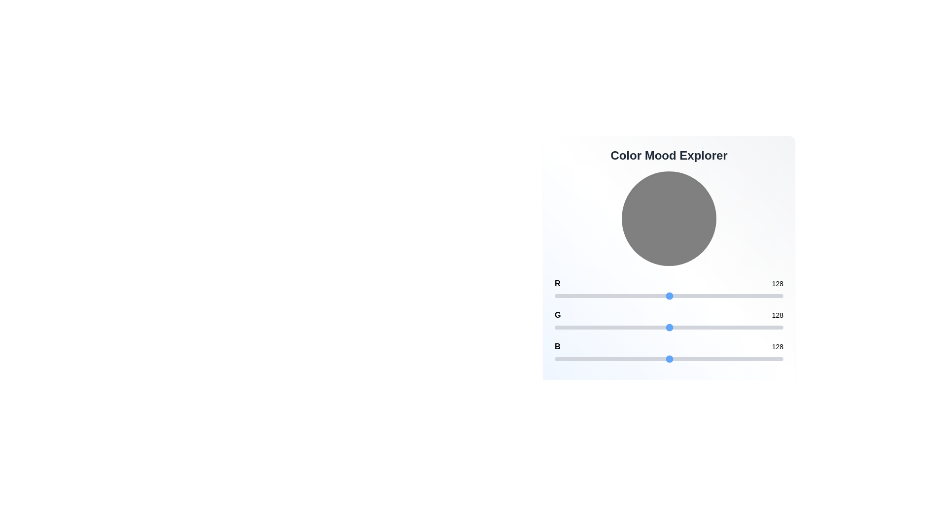  I want to click on the blue channel slider to set the value to 96, so click(641, 359).